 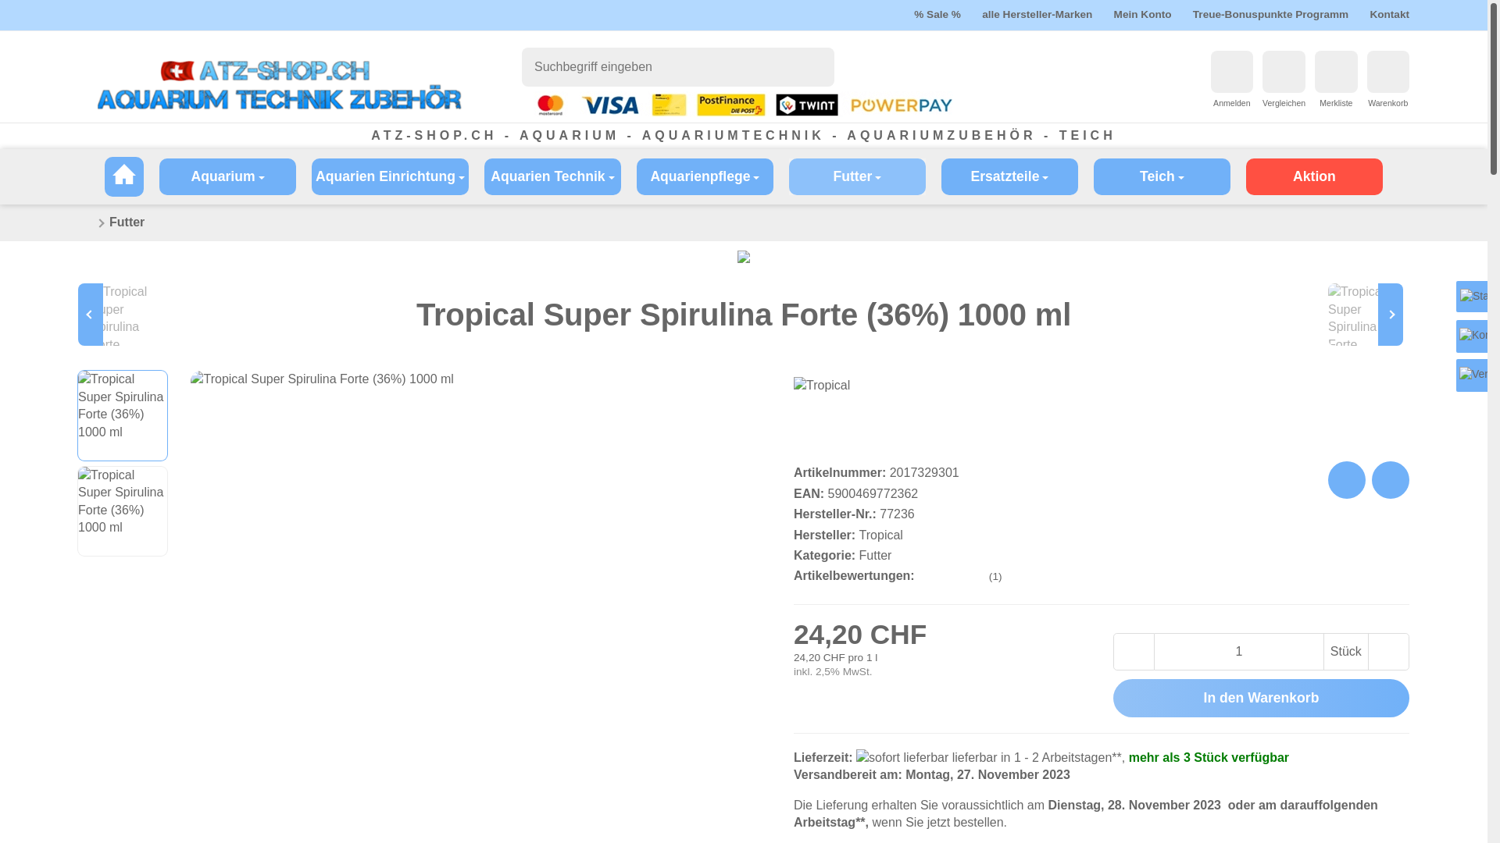 What do you see at coordinates (1270, 14) in the screenshot?
I see `'Treue-Bonuspunkte Programm'` at bounding box center [1270, 14].